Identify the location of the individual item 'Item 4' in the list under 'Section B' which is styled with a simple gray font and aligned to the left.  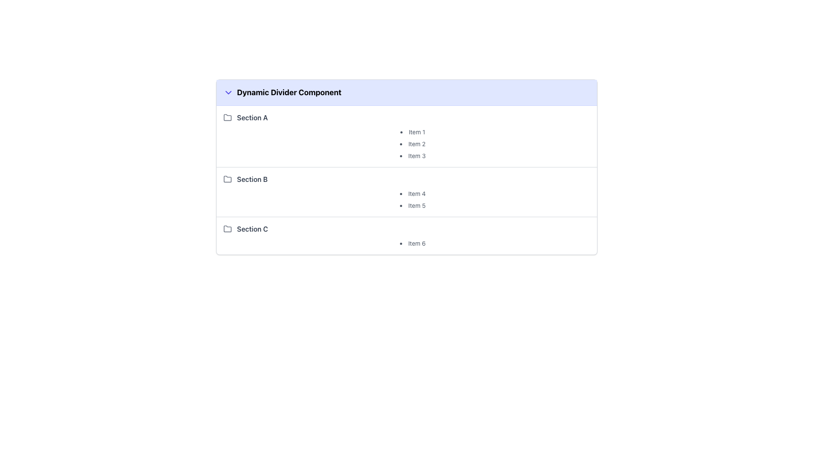
(406, 200).